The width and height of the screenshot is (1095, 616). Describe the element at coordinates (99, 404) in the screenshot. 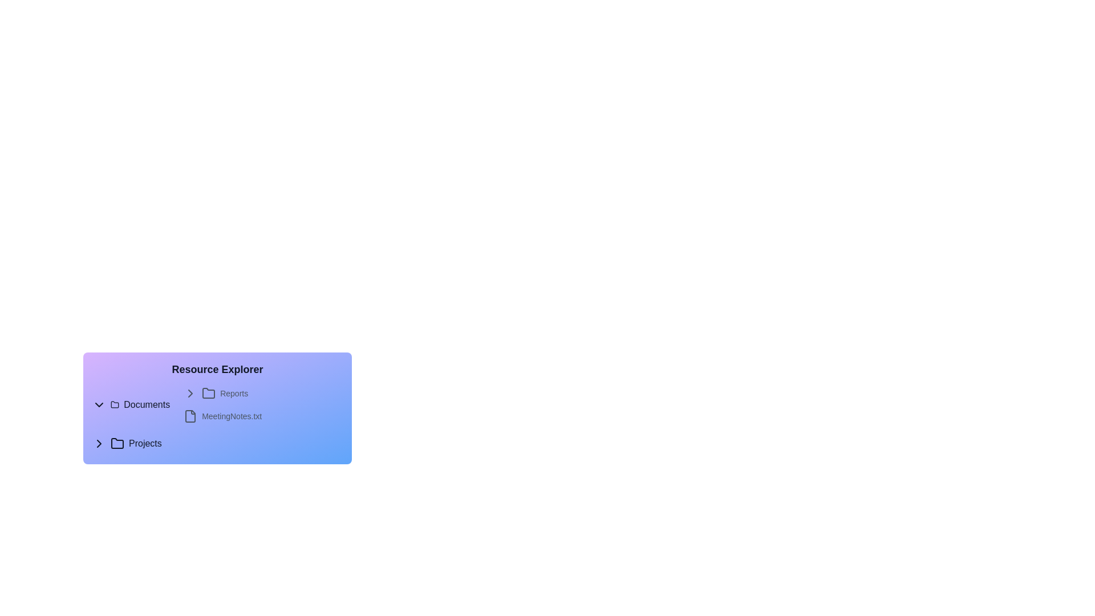

I see `the downward-pointing triangular chevron icon next to the 'Documents' entry` at that location.